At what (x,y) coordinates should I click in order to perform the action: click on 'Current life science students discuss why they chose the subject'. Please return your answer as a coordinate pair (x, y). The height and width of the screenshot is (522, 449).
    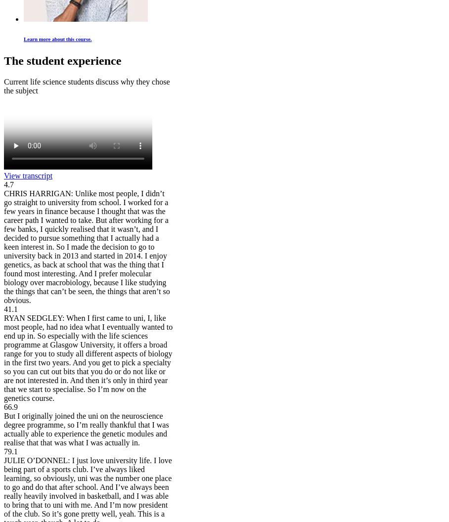
    Looking at the image, I should click on (3, 86).